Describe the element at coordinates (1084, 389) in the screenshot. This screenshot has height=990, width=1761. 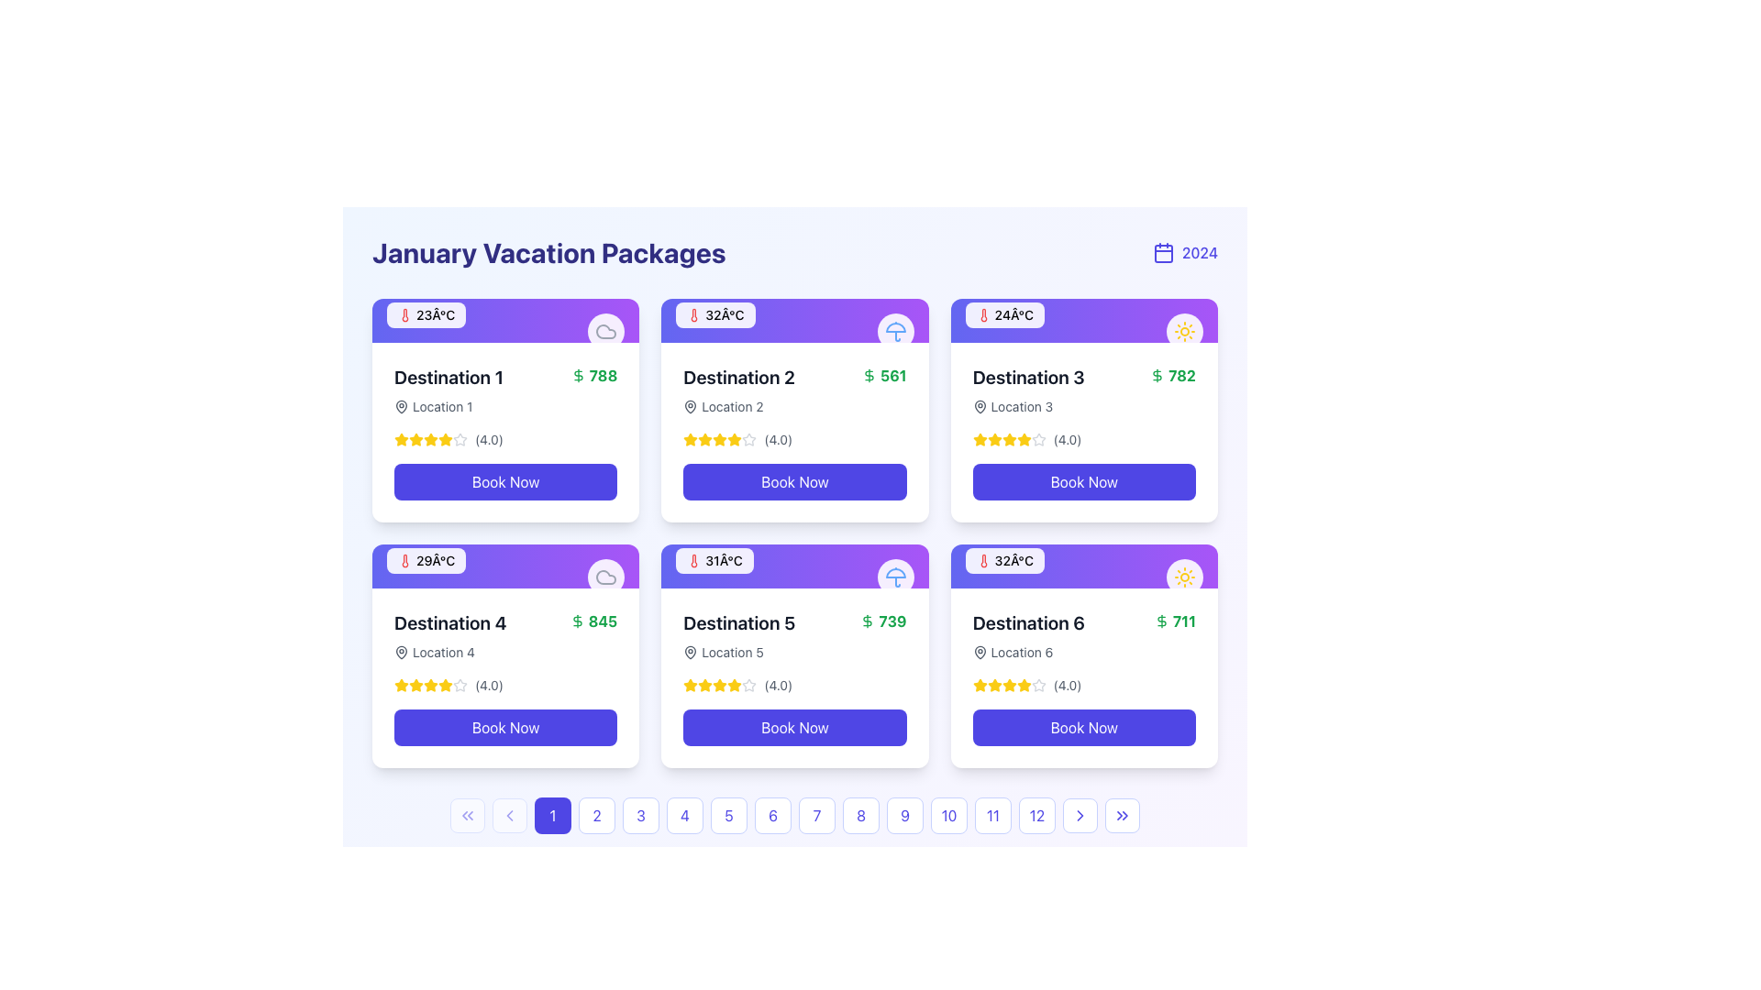
I see `the informational component displaying details about a vacation destination, including its name, location, and price, positioned in the top section of the third card in the first row of the grid layout` at that location.